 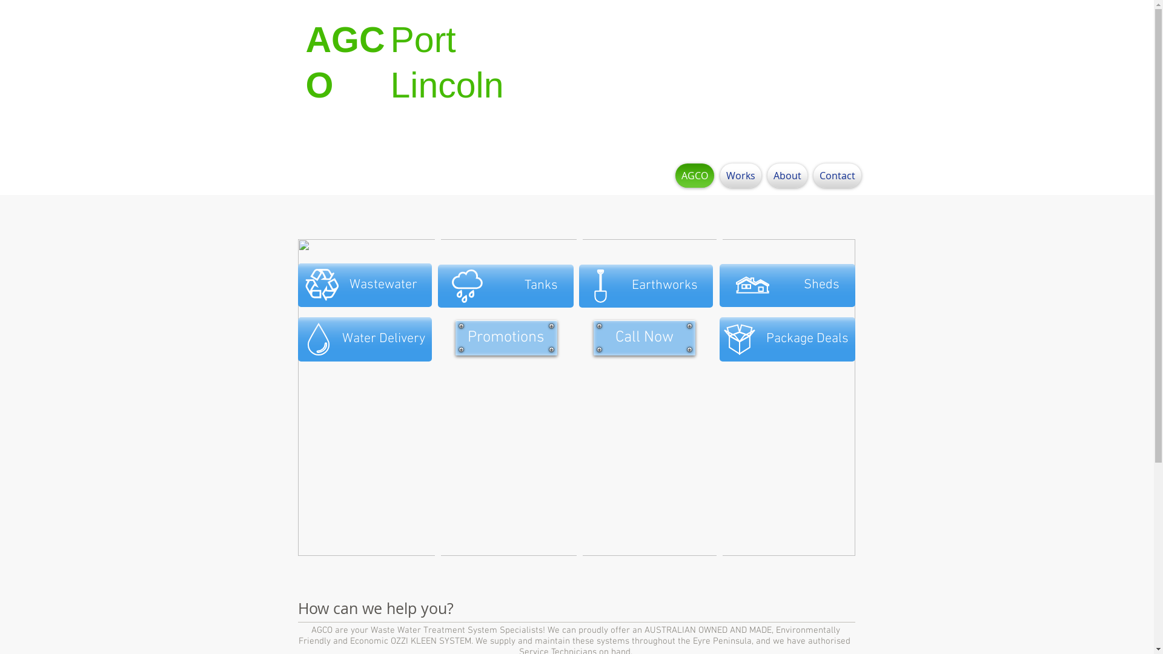 I want to click on 'Works', so click(x=740, y=175).